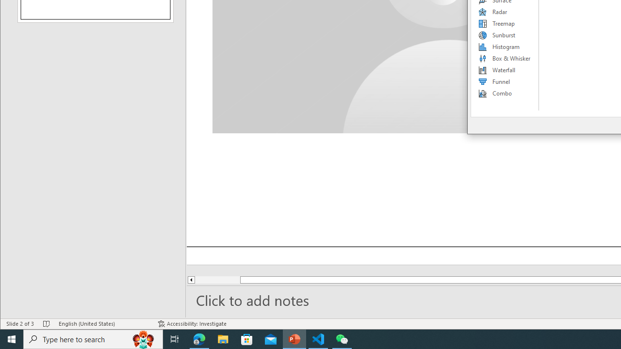  I want to click on 'Search highlights icon opens search home window', so click(143, 338).